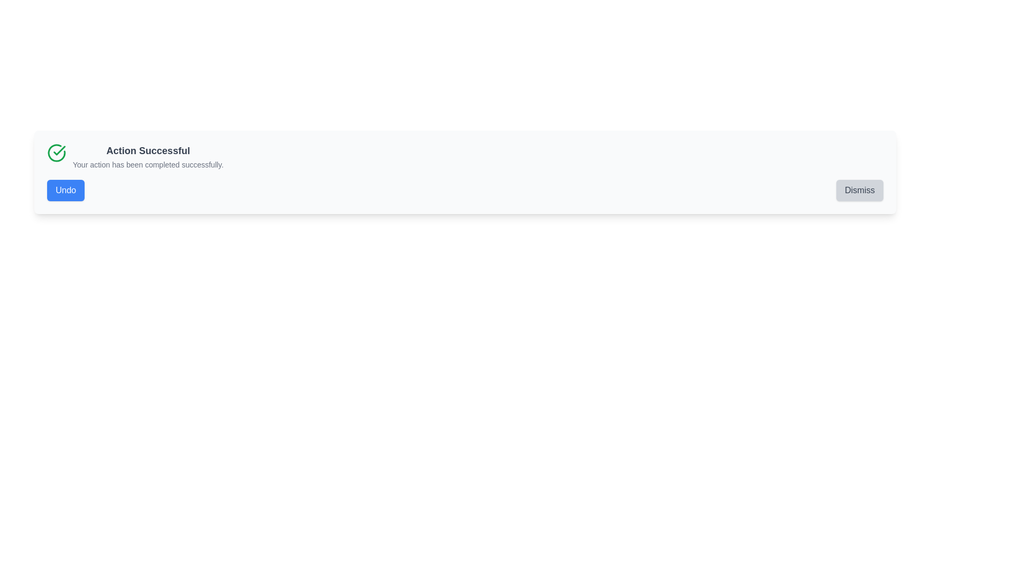 This screenshot has height=578, width=1028. I want to click on the success icon located at the top left edge of the notification text block that precedes the text 'Action Successful', so click(56, 153).